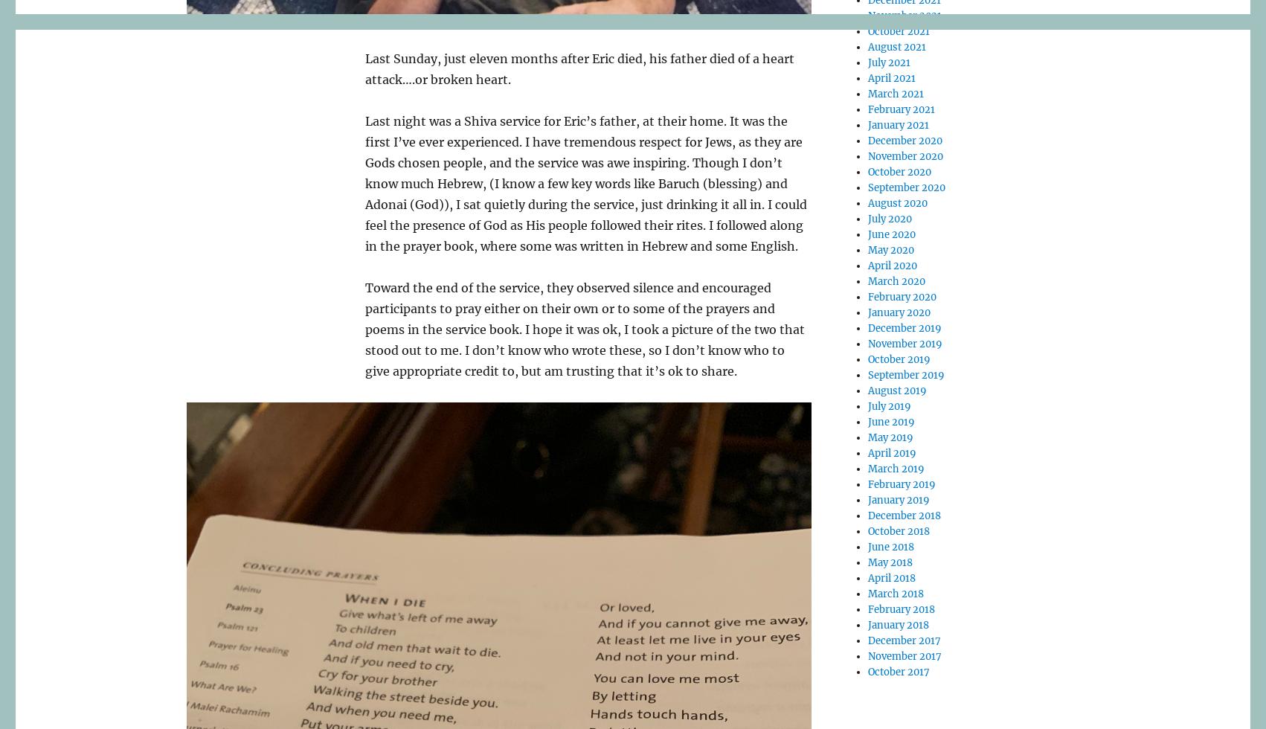  Describe the element at coordinates (891, 250) in the screenshot. I see `'May 2020'` at that location.